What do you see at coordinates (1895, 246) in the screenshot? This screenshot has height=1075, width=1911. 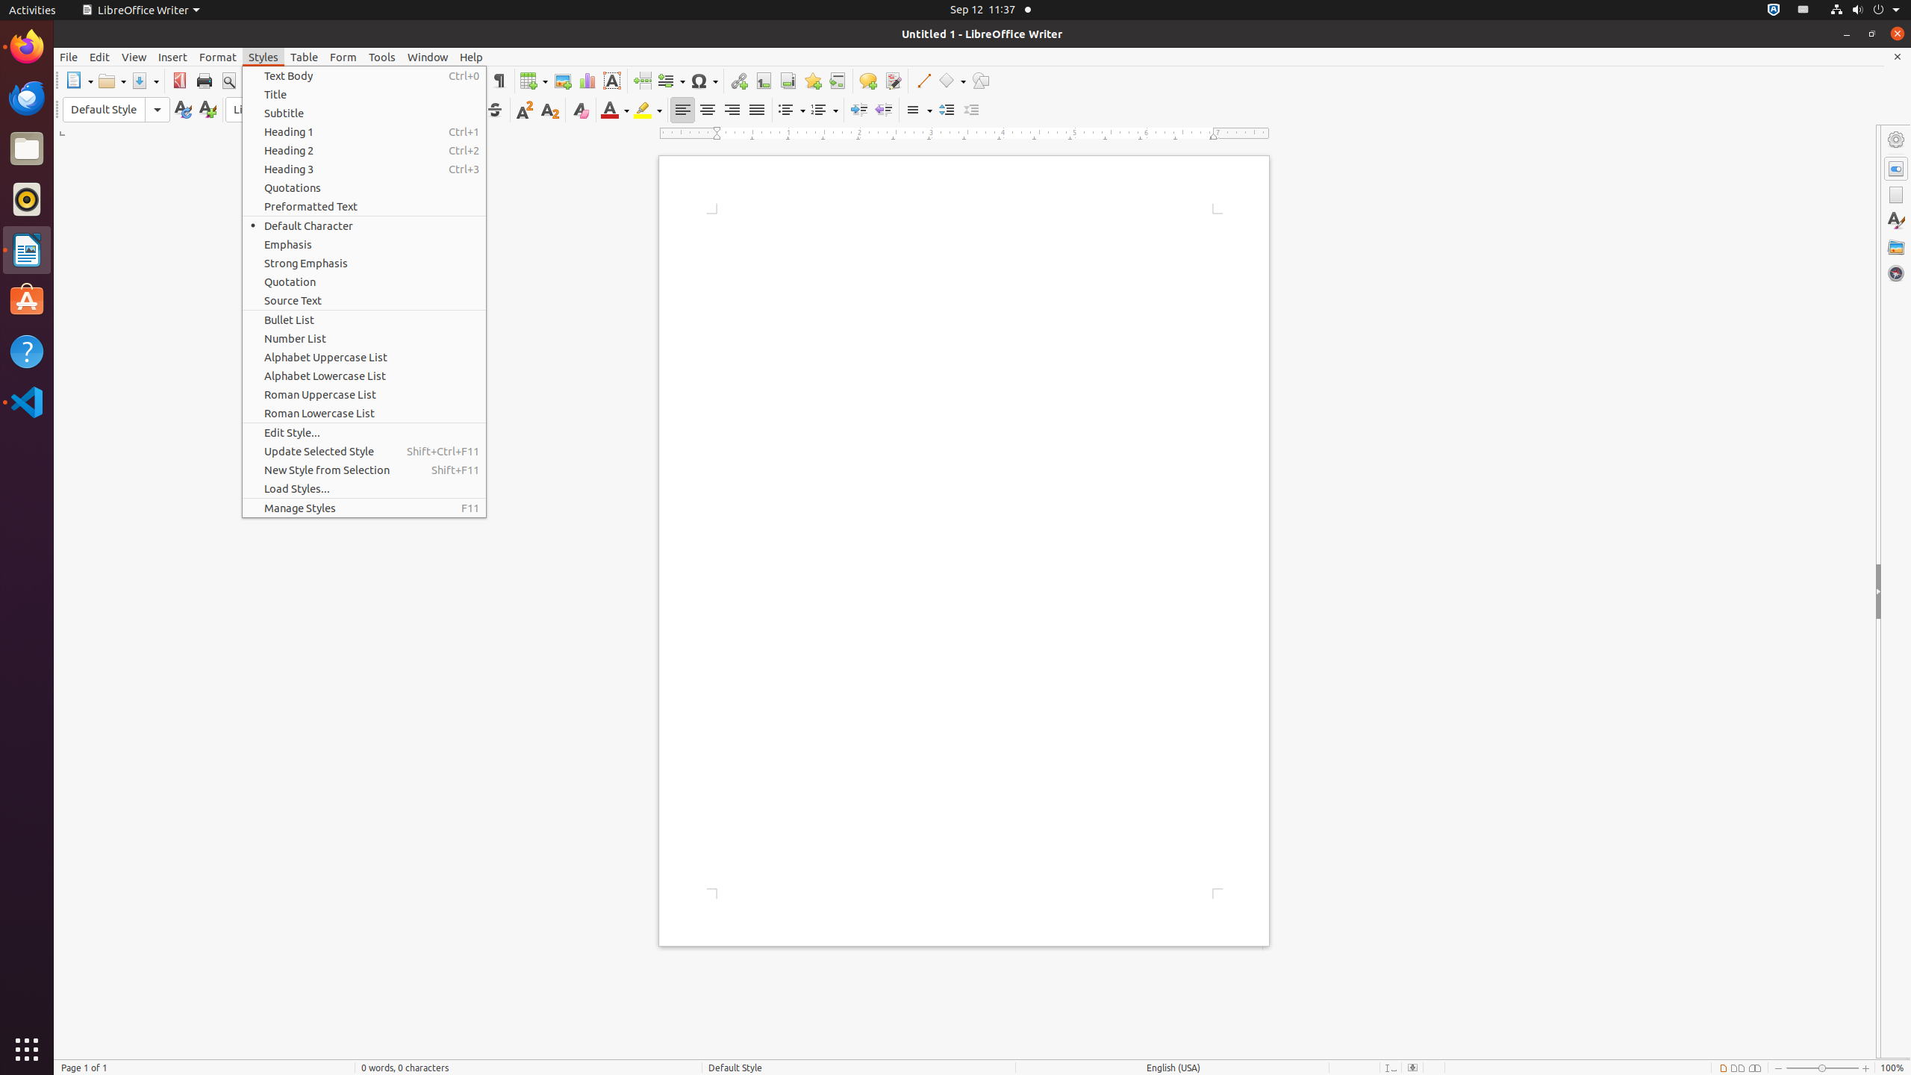 I see `'Gallery'` at bounding box center [1895, 246].